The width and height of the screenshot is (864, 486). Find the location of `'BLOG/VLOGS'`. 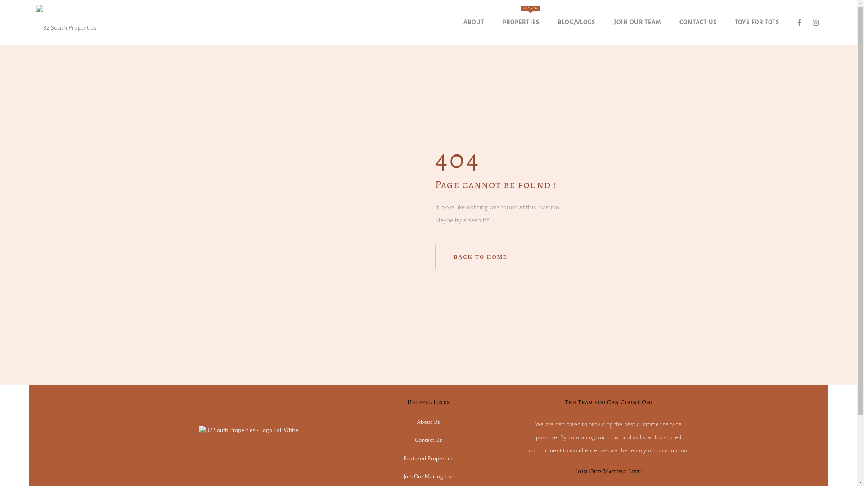

'BLOG/VLOGS' is located at coordinates (576, 22).